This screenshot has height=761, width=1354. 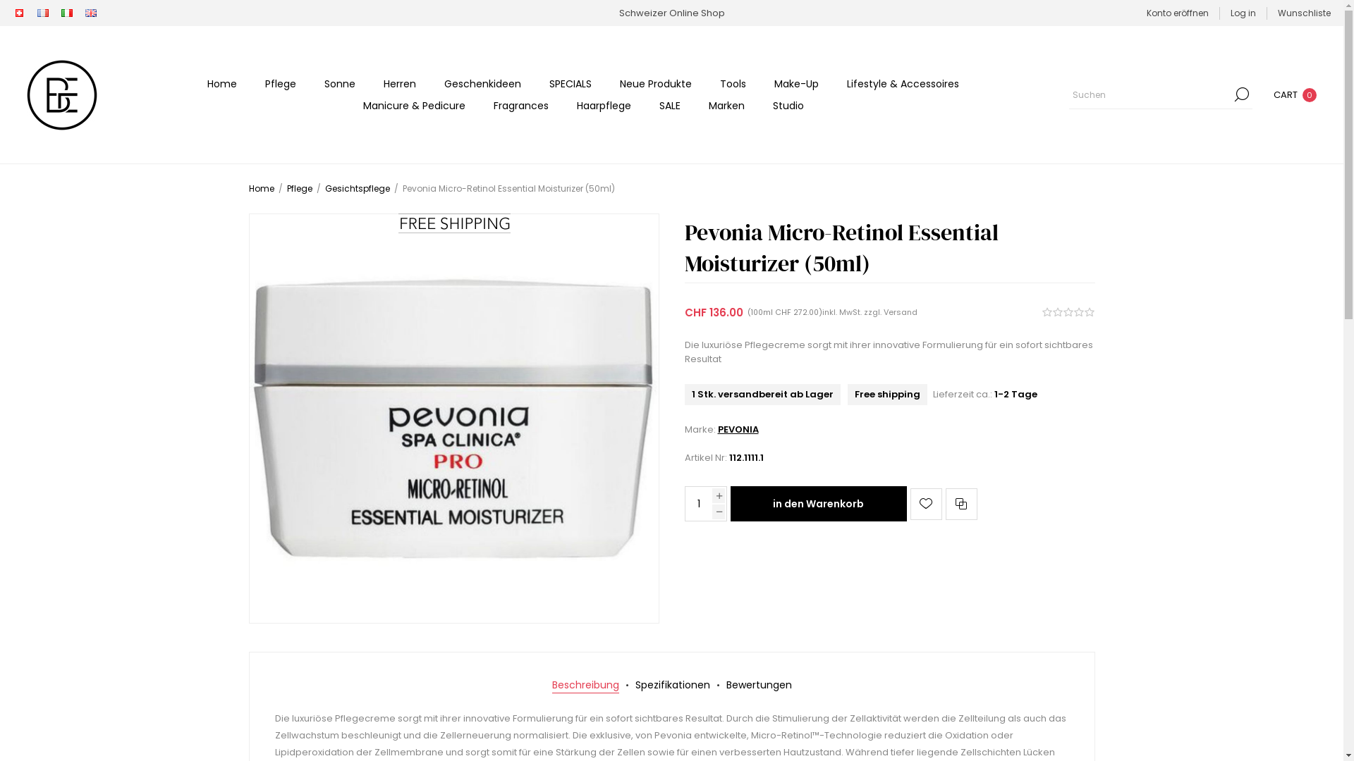 I want to click on 'Lifestyle & Accessoires', so click(x=903, y=84).